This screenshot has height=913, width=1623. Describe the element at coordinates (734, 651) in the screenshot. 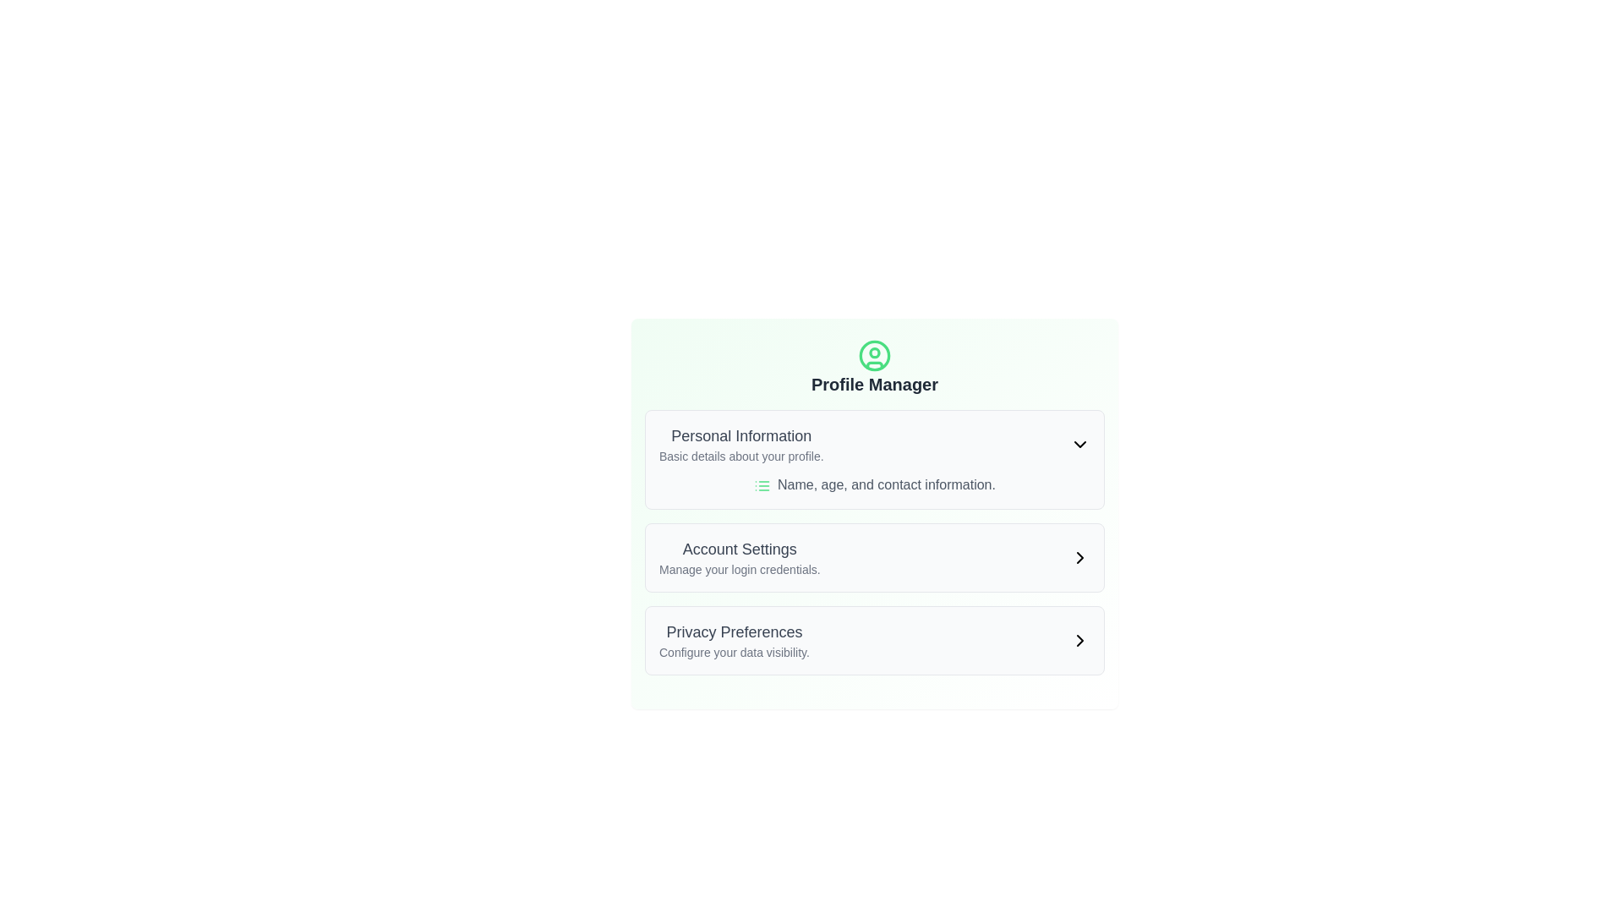

I see `the descriptive text label that clarifies the functionality of the 'Privacy Preferences' section, which is positioned below the 'Privacy Preferences' element` at that location.